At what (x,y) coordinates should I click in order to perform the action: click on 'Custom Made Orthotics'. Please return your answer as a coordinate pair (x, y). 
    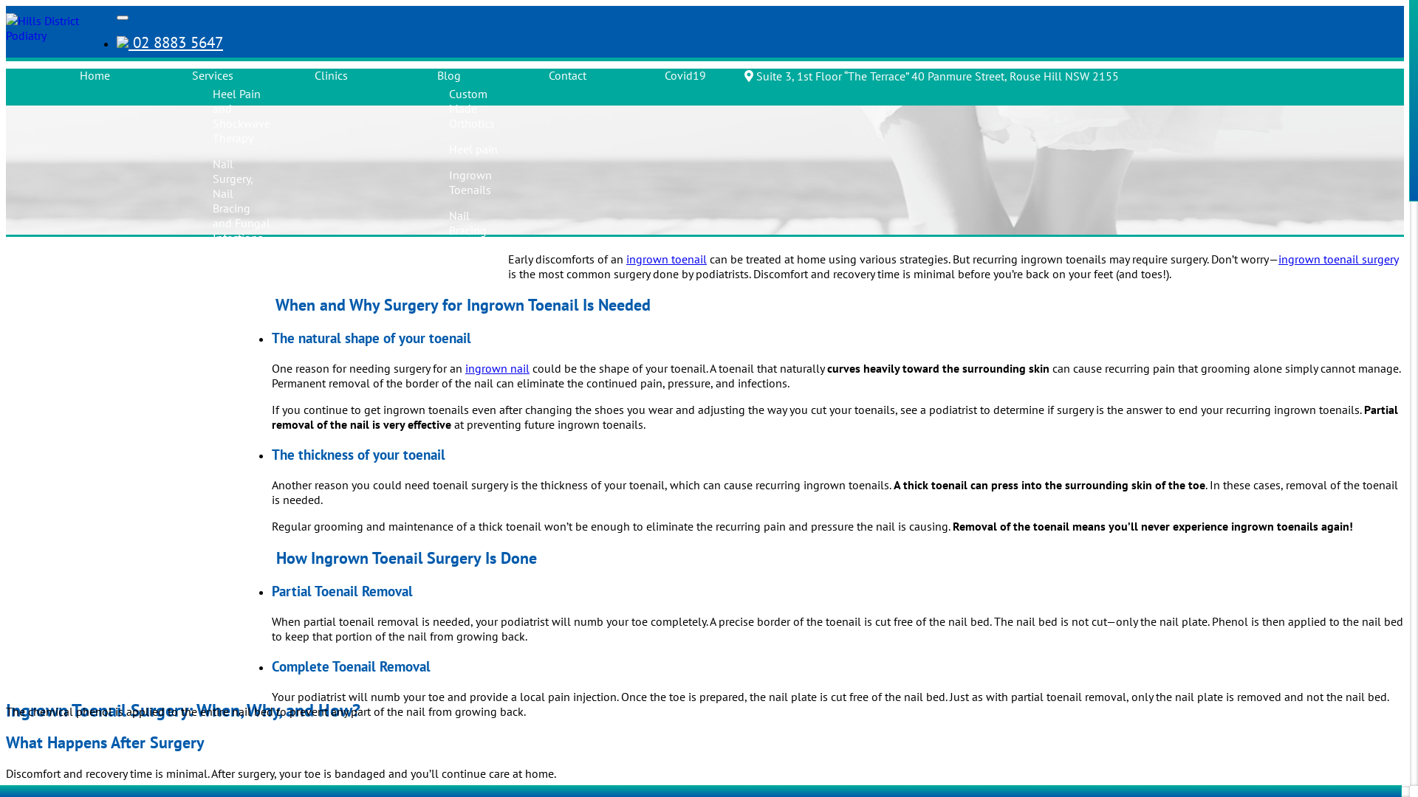
    Looking at the image, I should click on (470, 107).